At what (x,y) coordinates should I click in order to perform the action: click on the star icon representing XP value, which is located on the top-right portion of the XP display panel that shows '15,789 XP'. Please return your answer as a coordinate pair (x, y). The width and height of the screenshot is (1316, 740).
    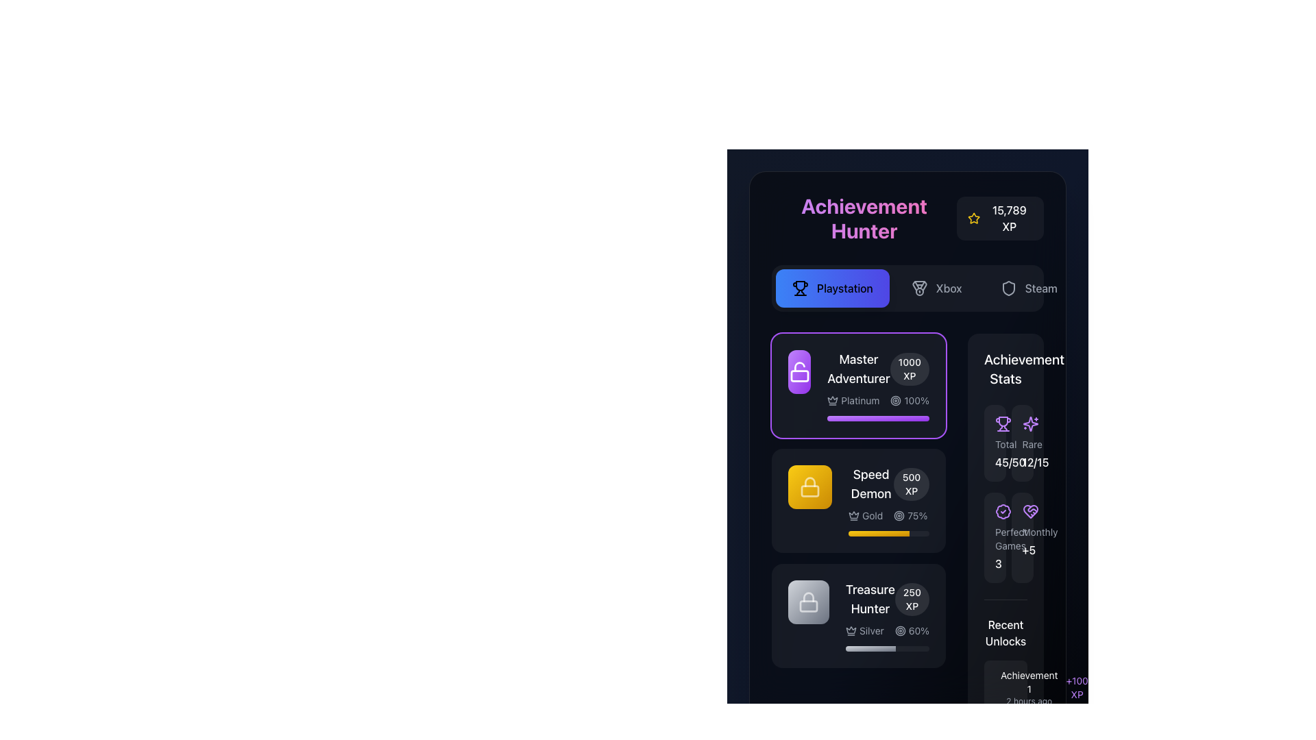
    Looking at the image, I should click on (973, 218).